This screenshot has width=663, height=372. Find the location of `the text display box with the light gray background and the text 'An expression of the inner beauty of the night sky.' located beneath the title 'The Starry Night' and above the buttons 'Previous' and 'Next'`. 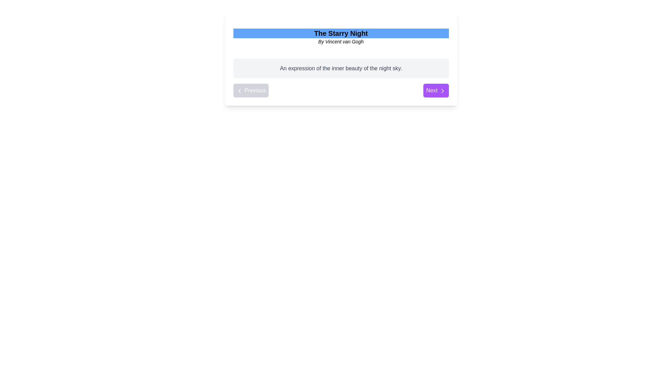

the text display box with the light gray background and the text 'An expression of the inner beauty of the night sky.' located beneath the title 'The Starry Night' and above the buttons 'Previous' and 'Next' is located at coordinates (341, 69).